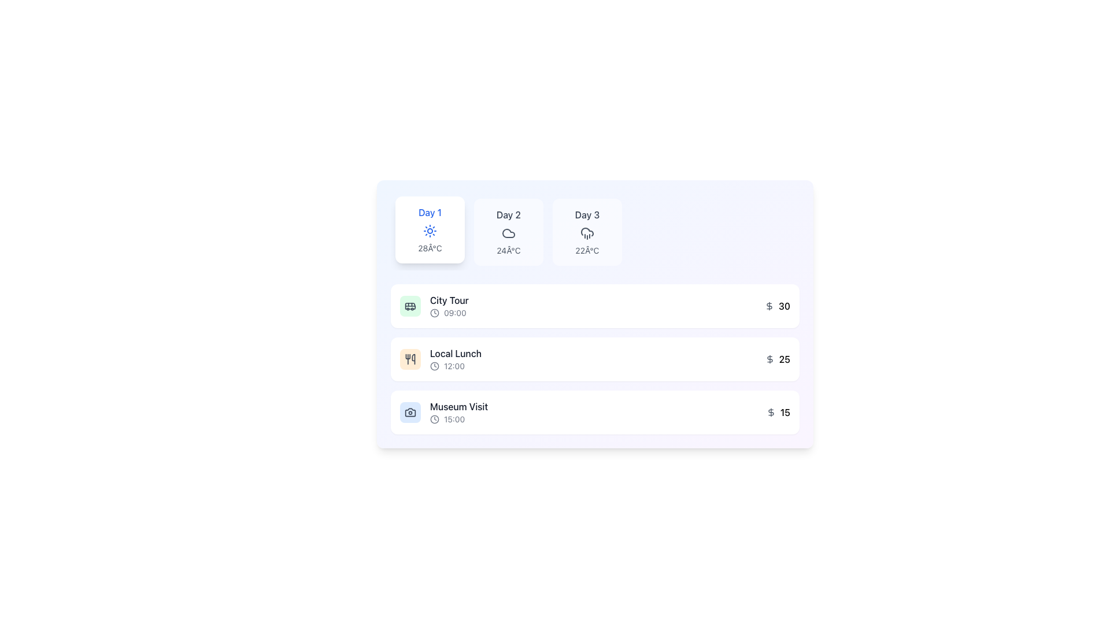  Describe the element at coordinates (410, 411) in the screenshot. I see `the decorative icon representing 'Museum Visit', which is located in the third list item from the top in the right-aligned column, to the left of the text 'Museum Visit'` at that location.